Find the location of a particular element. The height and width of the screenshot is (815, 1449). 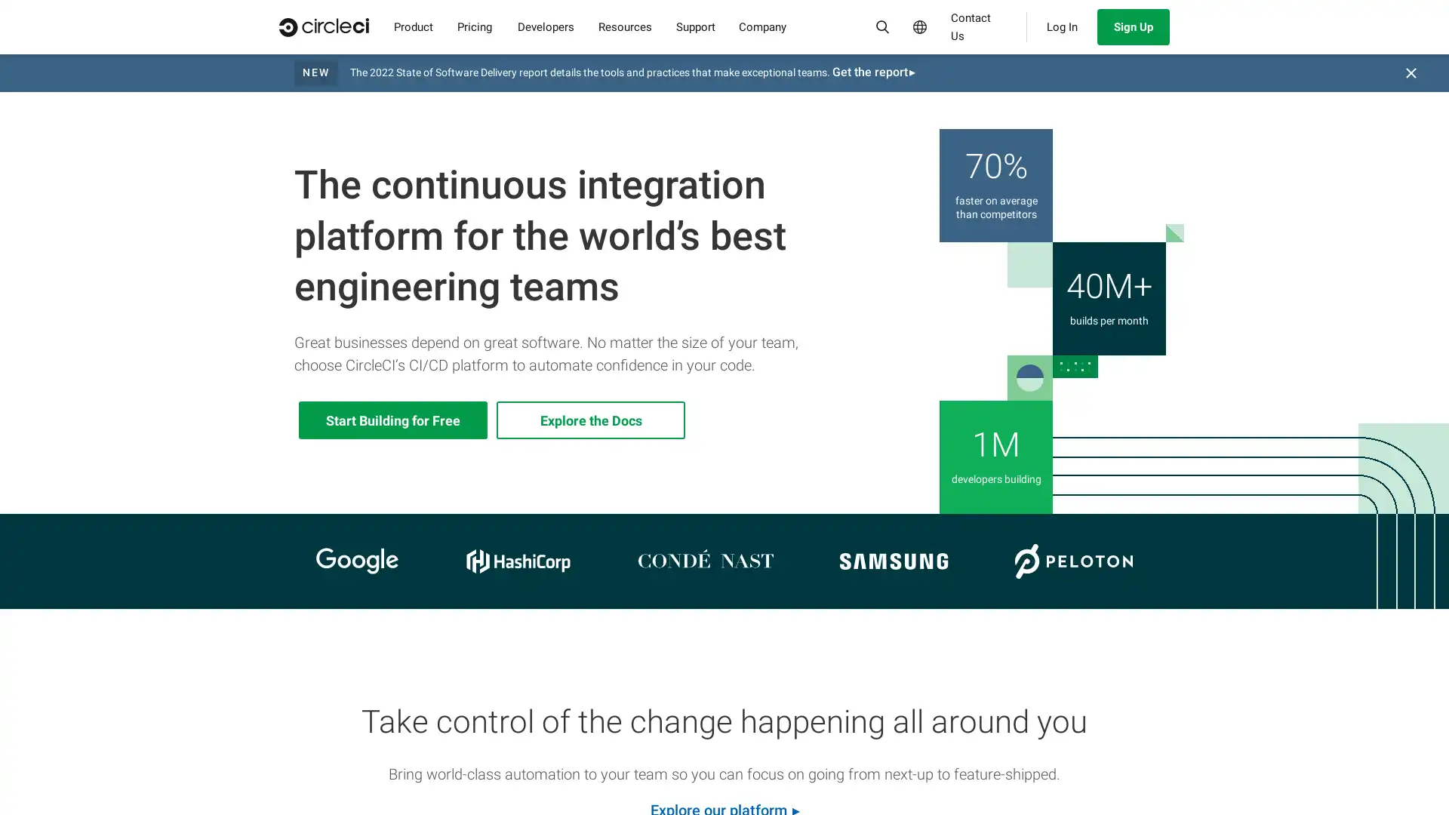

Search is located at coordinates (882, 26).